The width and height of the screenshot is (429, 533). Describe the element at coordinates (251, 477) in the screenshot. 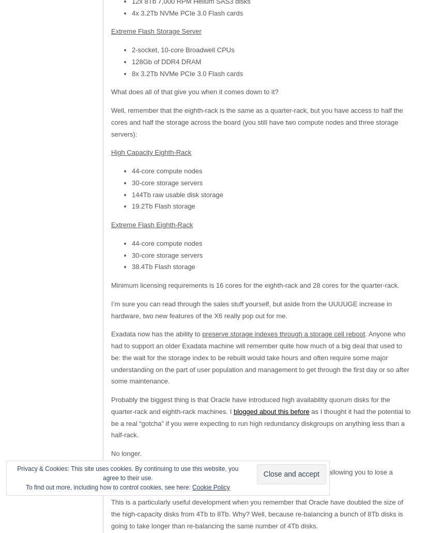

I see `'Now, a copy of the quorum disk is stored locally on each database node, allowing you to lose a storage cell and still be able to maintain your high redundancy.'` at that location.